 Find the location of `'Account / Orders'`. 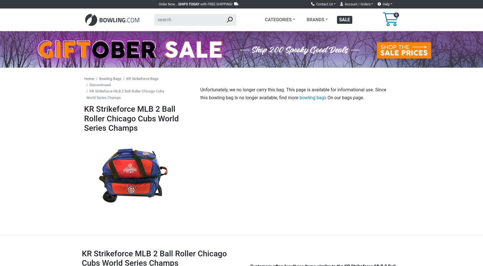

'Account / Orders' is located at coordinates (356, 4).